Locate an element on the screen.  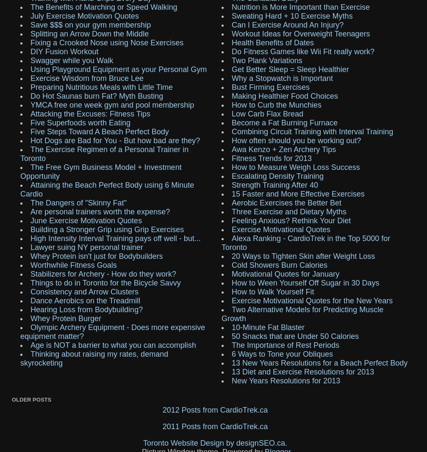
'Are personal trainers worth the expense?' is located at coordinates (100, 211).